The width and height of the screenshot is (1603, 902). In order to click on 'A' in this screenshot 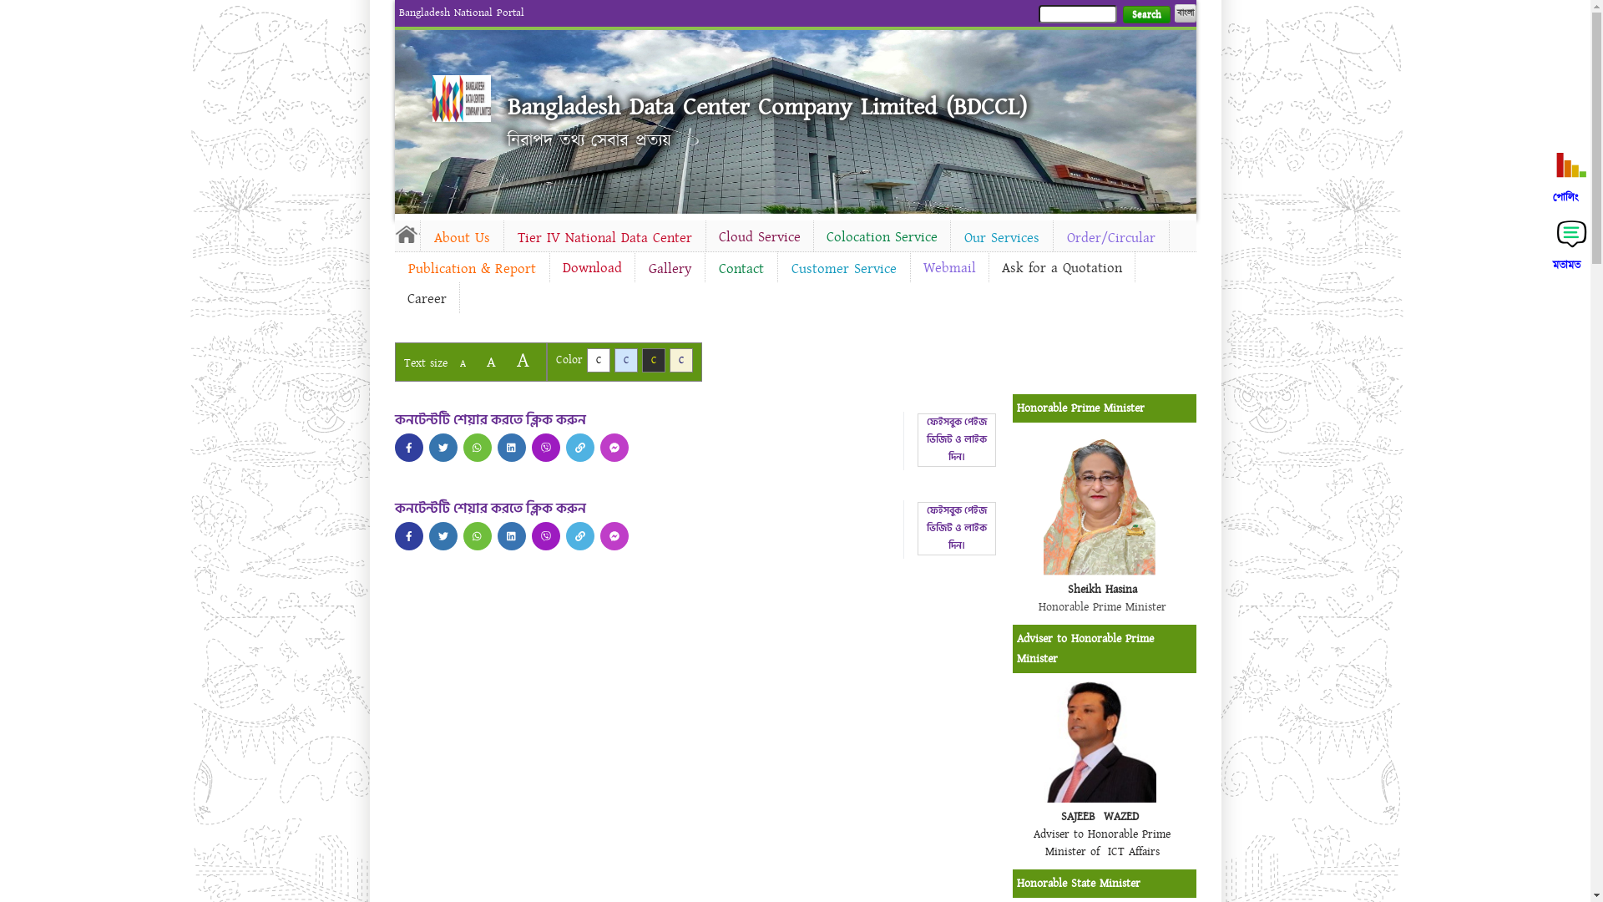, I will do `click(489, 361)`.